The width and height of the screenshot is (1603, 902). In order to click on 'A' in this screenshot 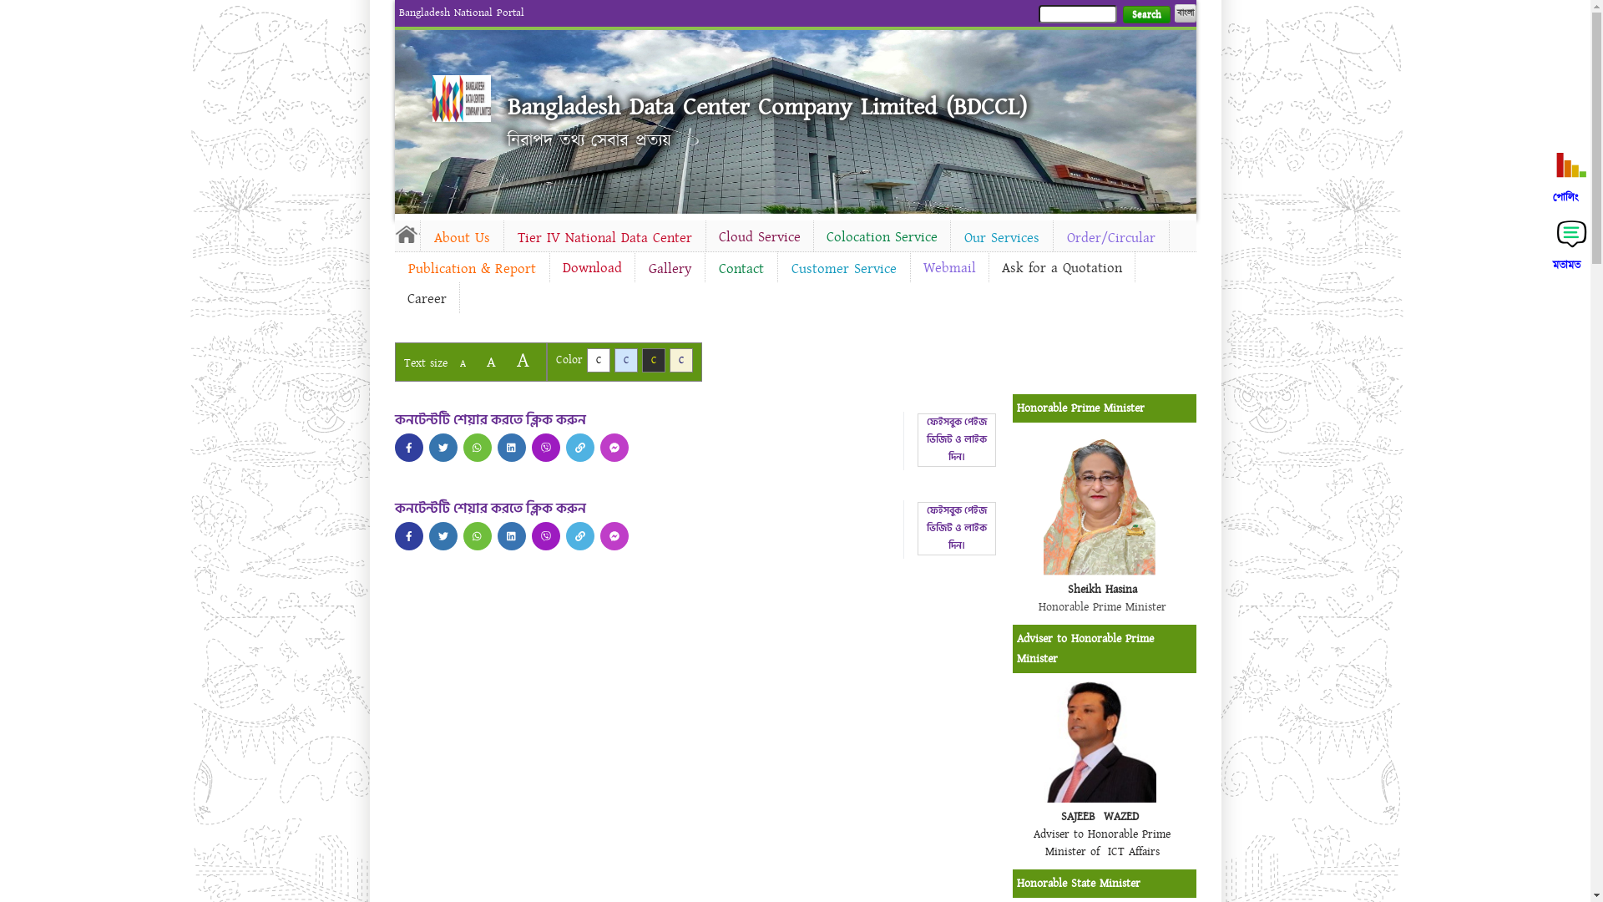, I will do `click(489, 361)`.